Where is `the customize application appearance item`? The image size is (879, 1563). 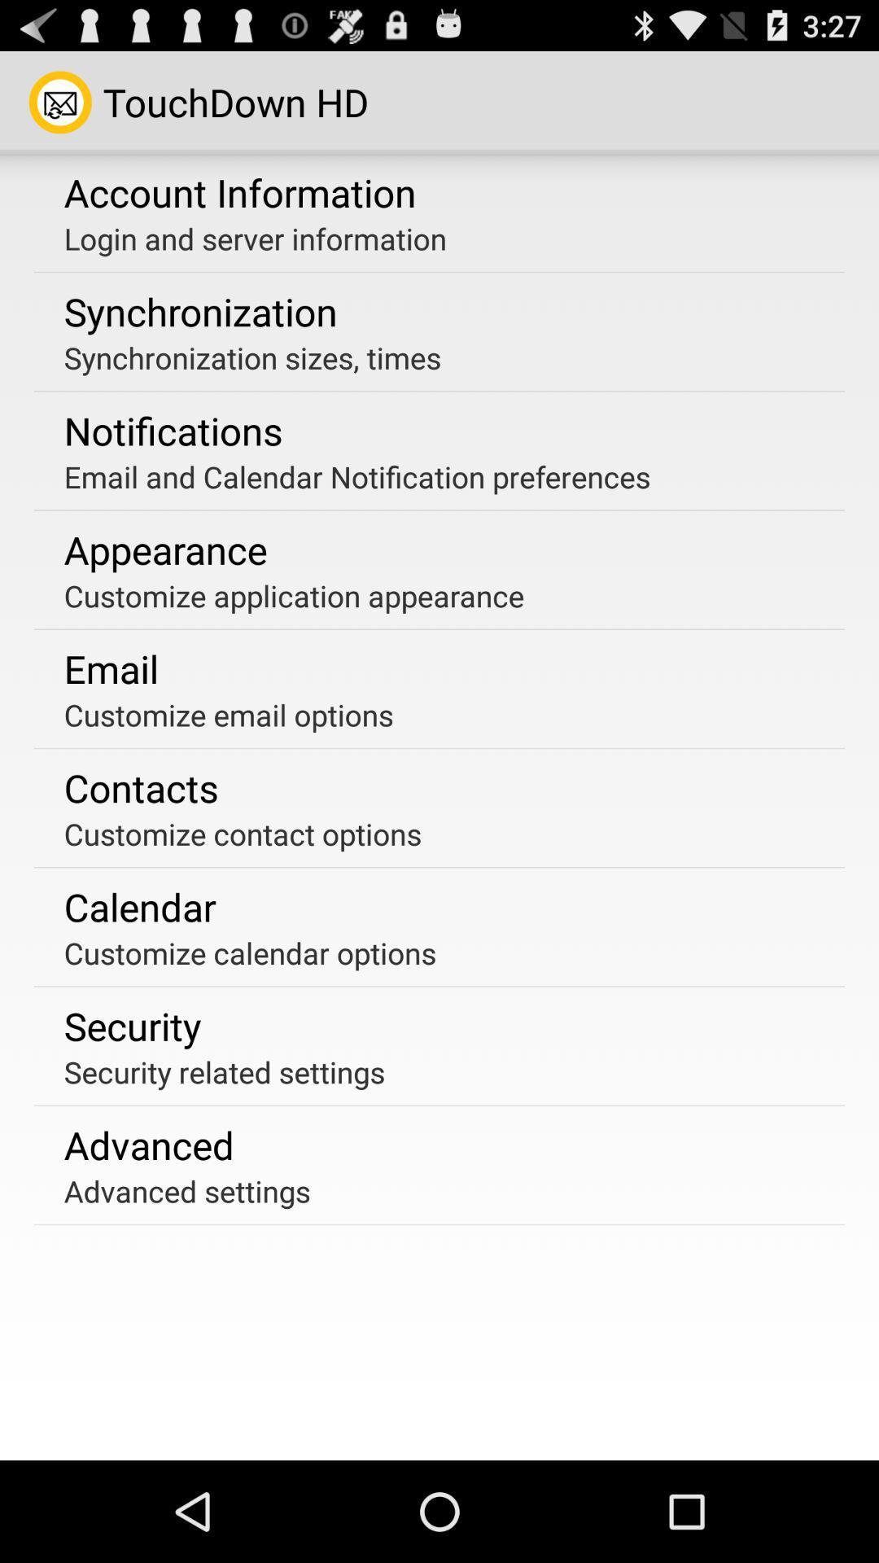 the customize application appearance item is located at coordinates (294, 595).